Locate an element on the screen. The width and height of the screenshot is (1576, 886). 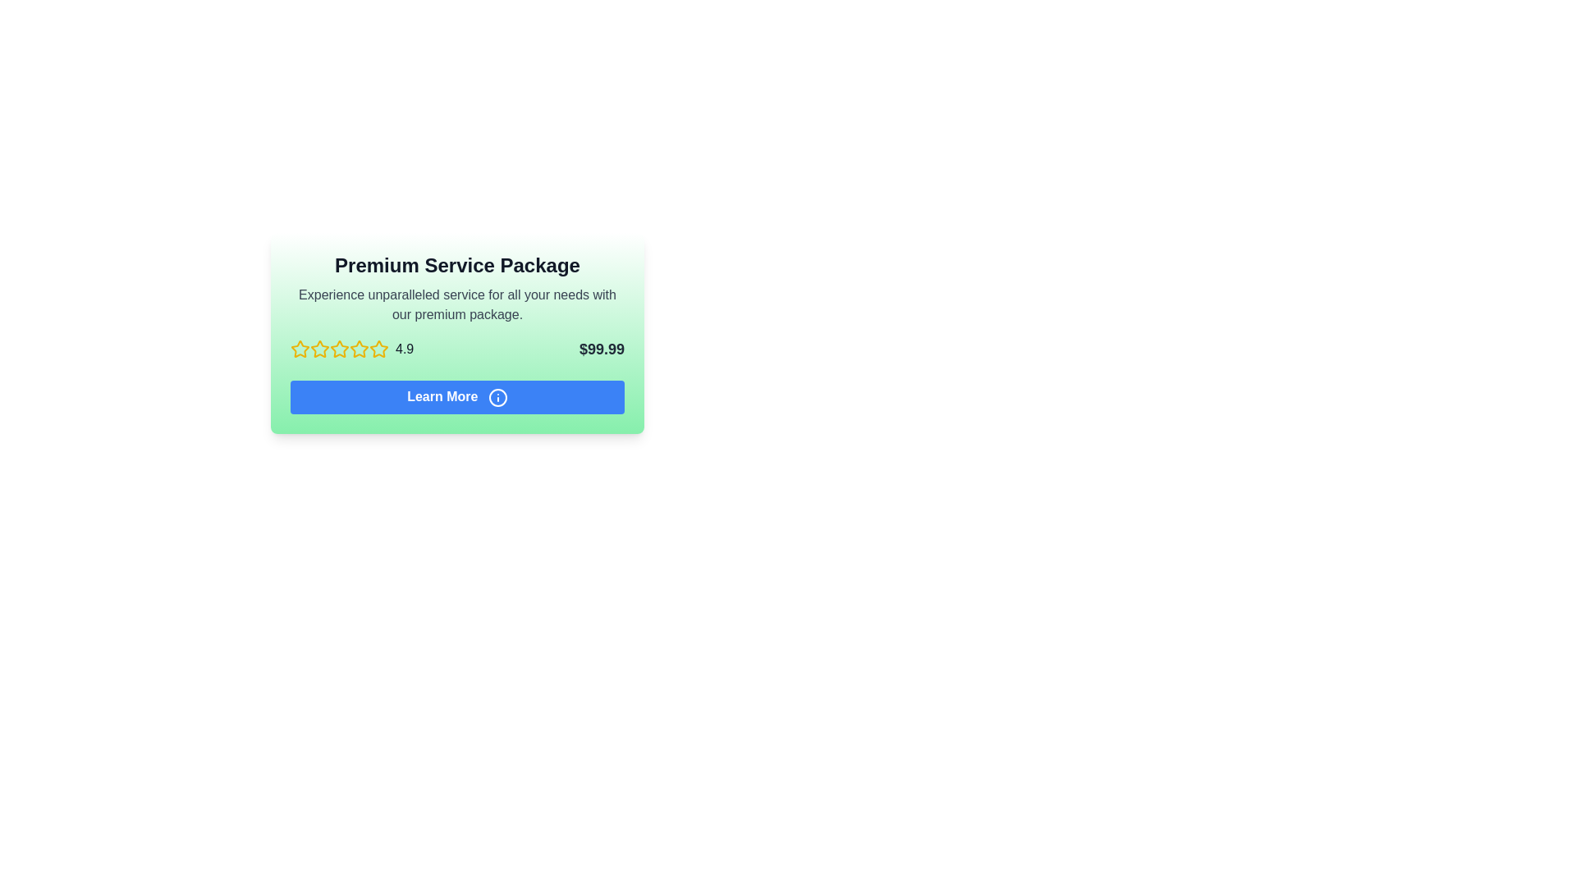
the call-to-action button located at the center-bottom of the card component, which is directly below the rating and price text ('$99.99'), to trigger visual feedback is located at coordinates (457, 397).